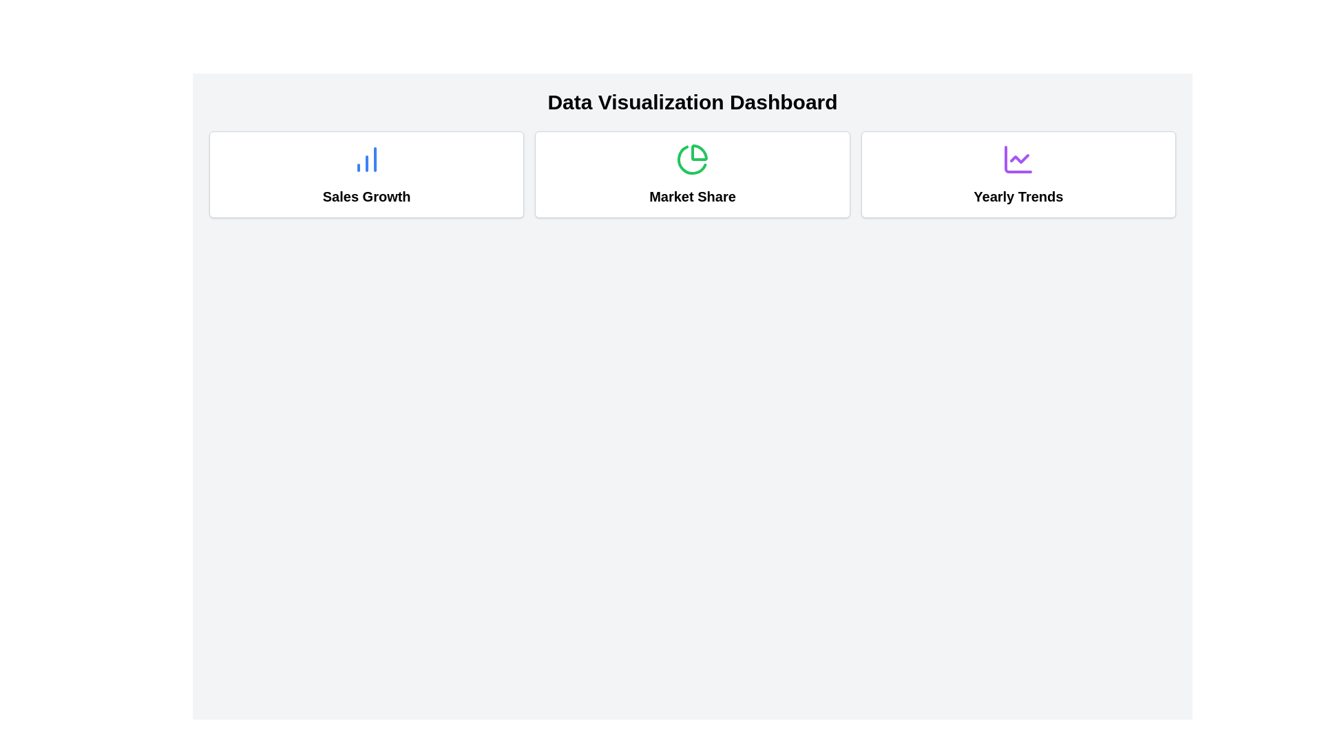 The width and height of the screenshot is (1322, 743). Describe the element at coordinates (1018, 174) in the screenshot. I see `the 'Yearly Trends' clickable card, which features a purple line chart icon and is the third card in a row of three within a grid layout` at that location.